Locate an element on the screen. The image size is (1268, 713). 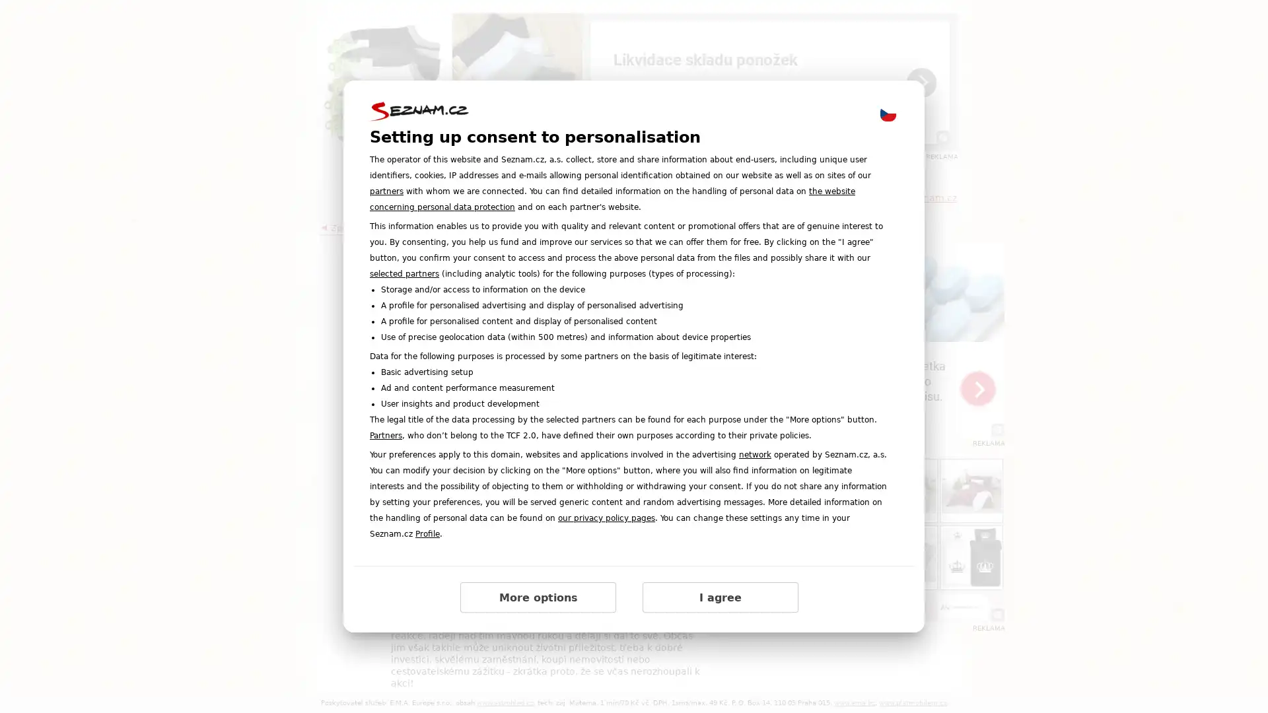
I agree is located at coordinates (719, 597).